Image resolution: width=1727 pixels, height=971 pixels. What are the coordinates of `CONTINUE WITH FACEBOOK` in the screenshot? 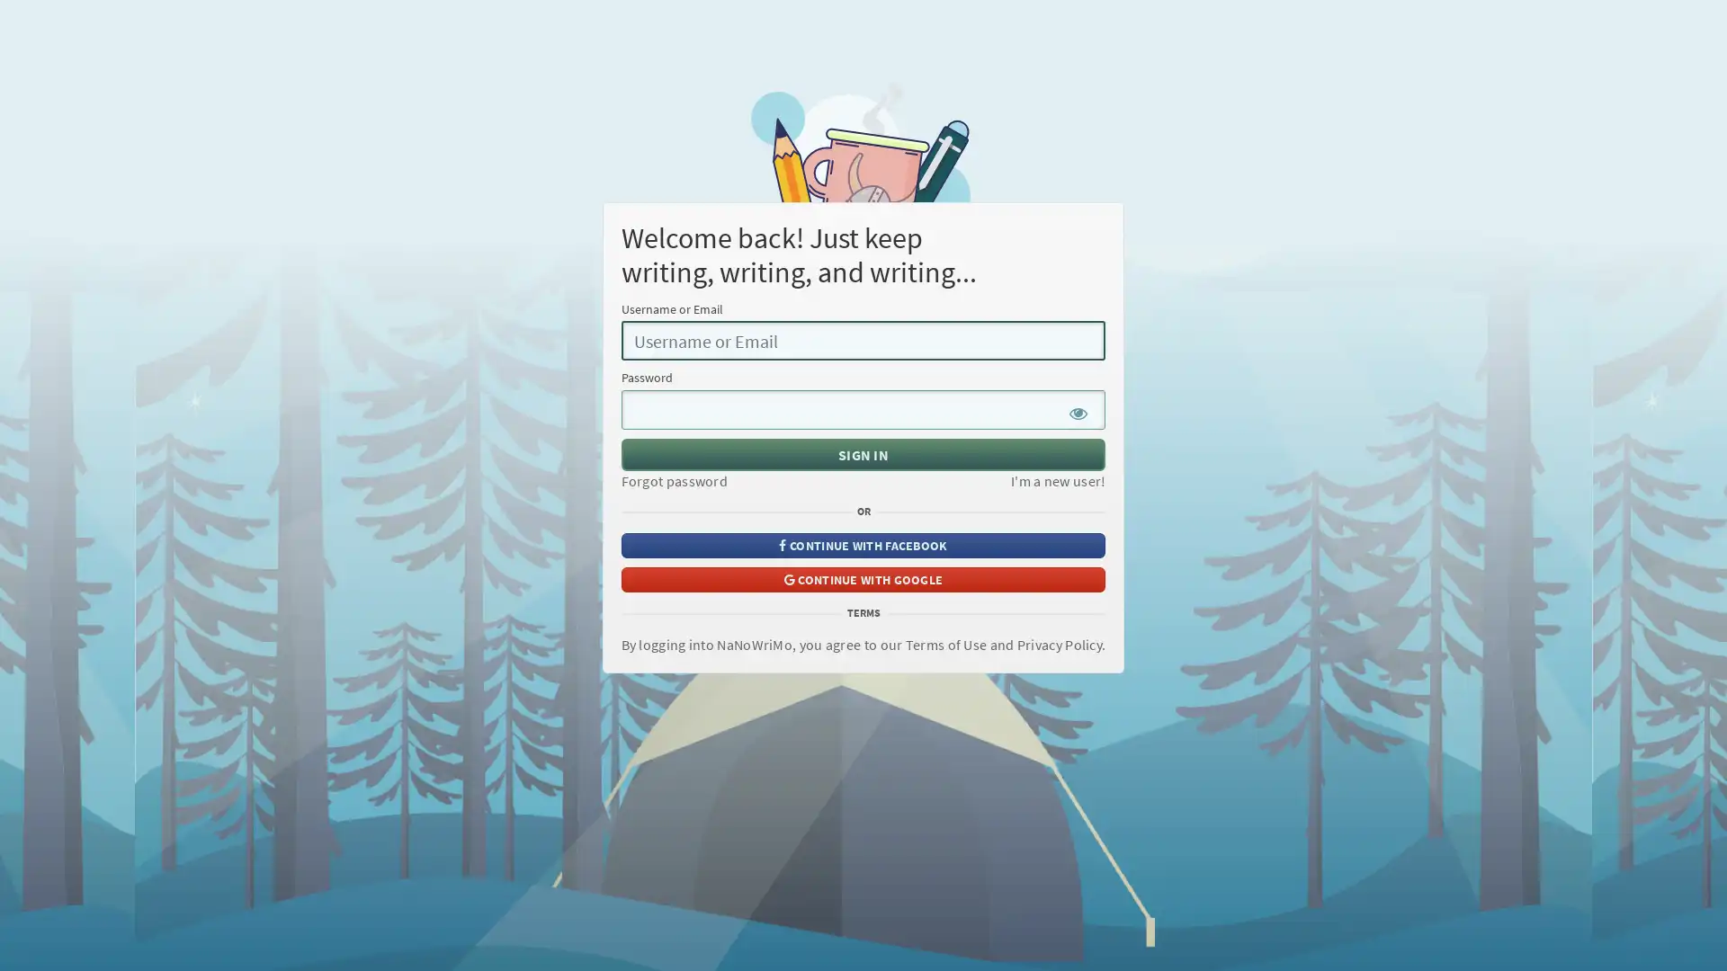 It's located at (862, 543).